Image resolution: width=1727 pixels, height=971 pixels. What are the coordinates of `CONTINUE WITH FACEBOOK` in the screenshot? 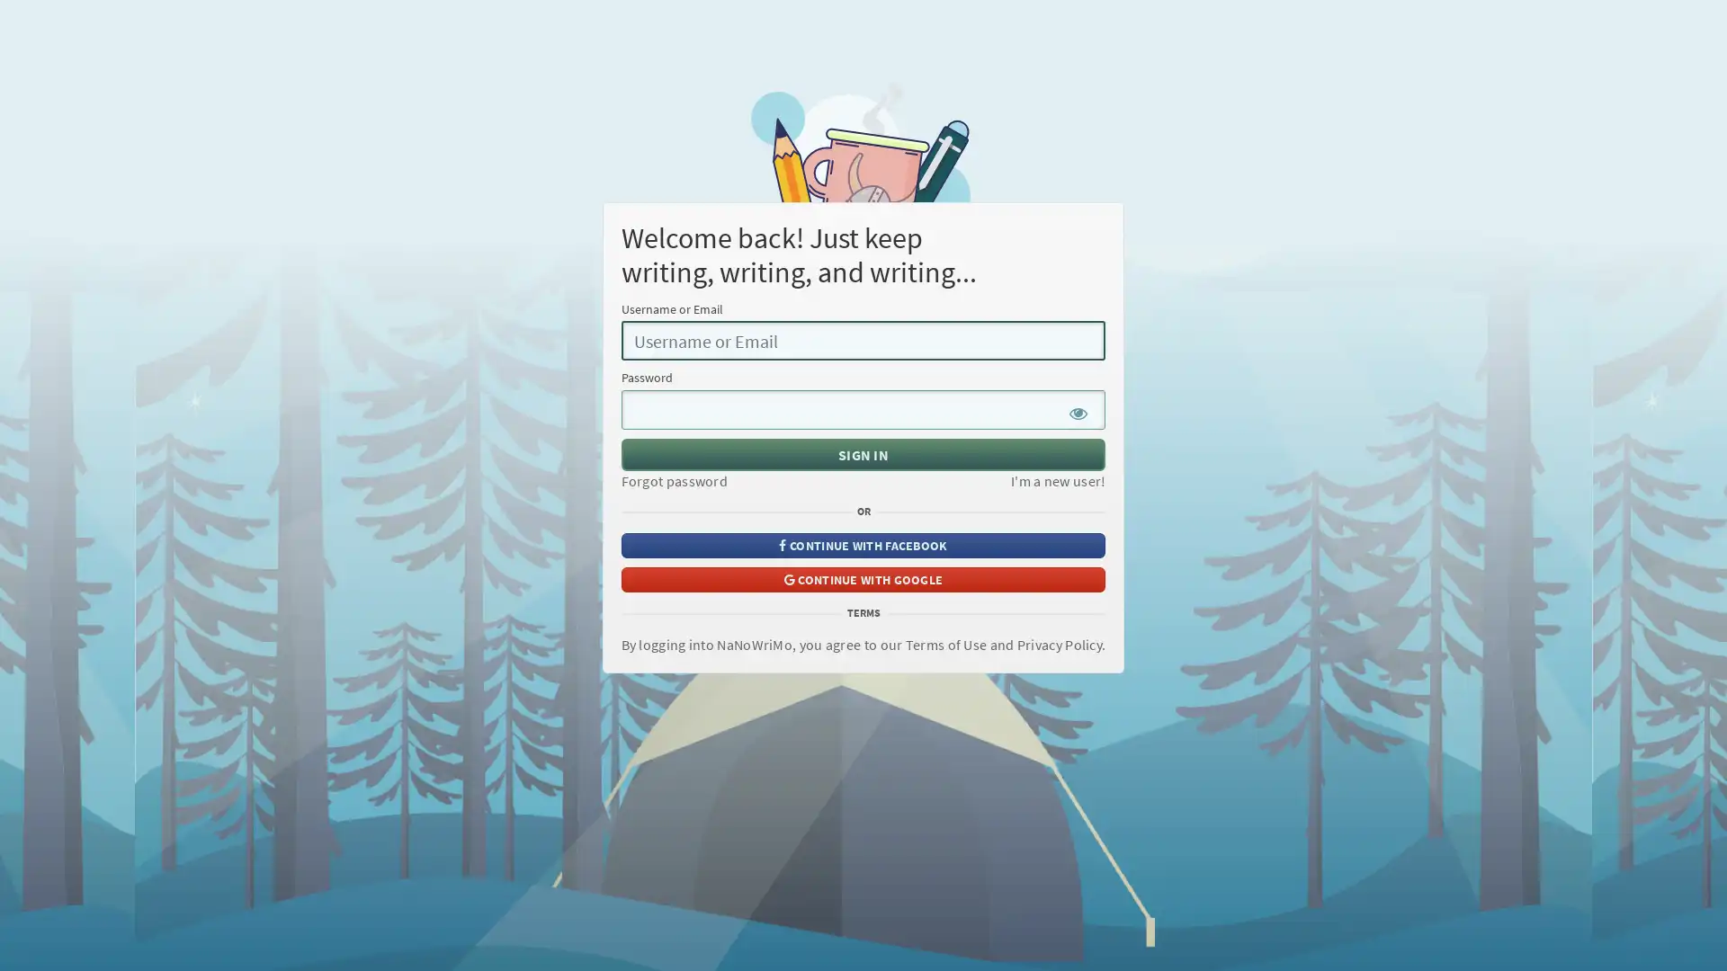 It's located at (862, 543).